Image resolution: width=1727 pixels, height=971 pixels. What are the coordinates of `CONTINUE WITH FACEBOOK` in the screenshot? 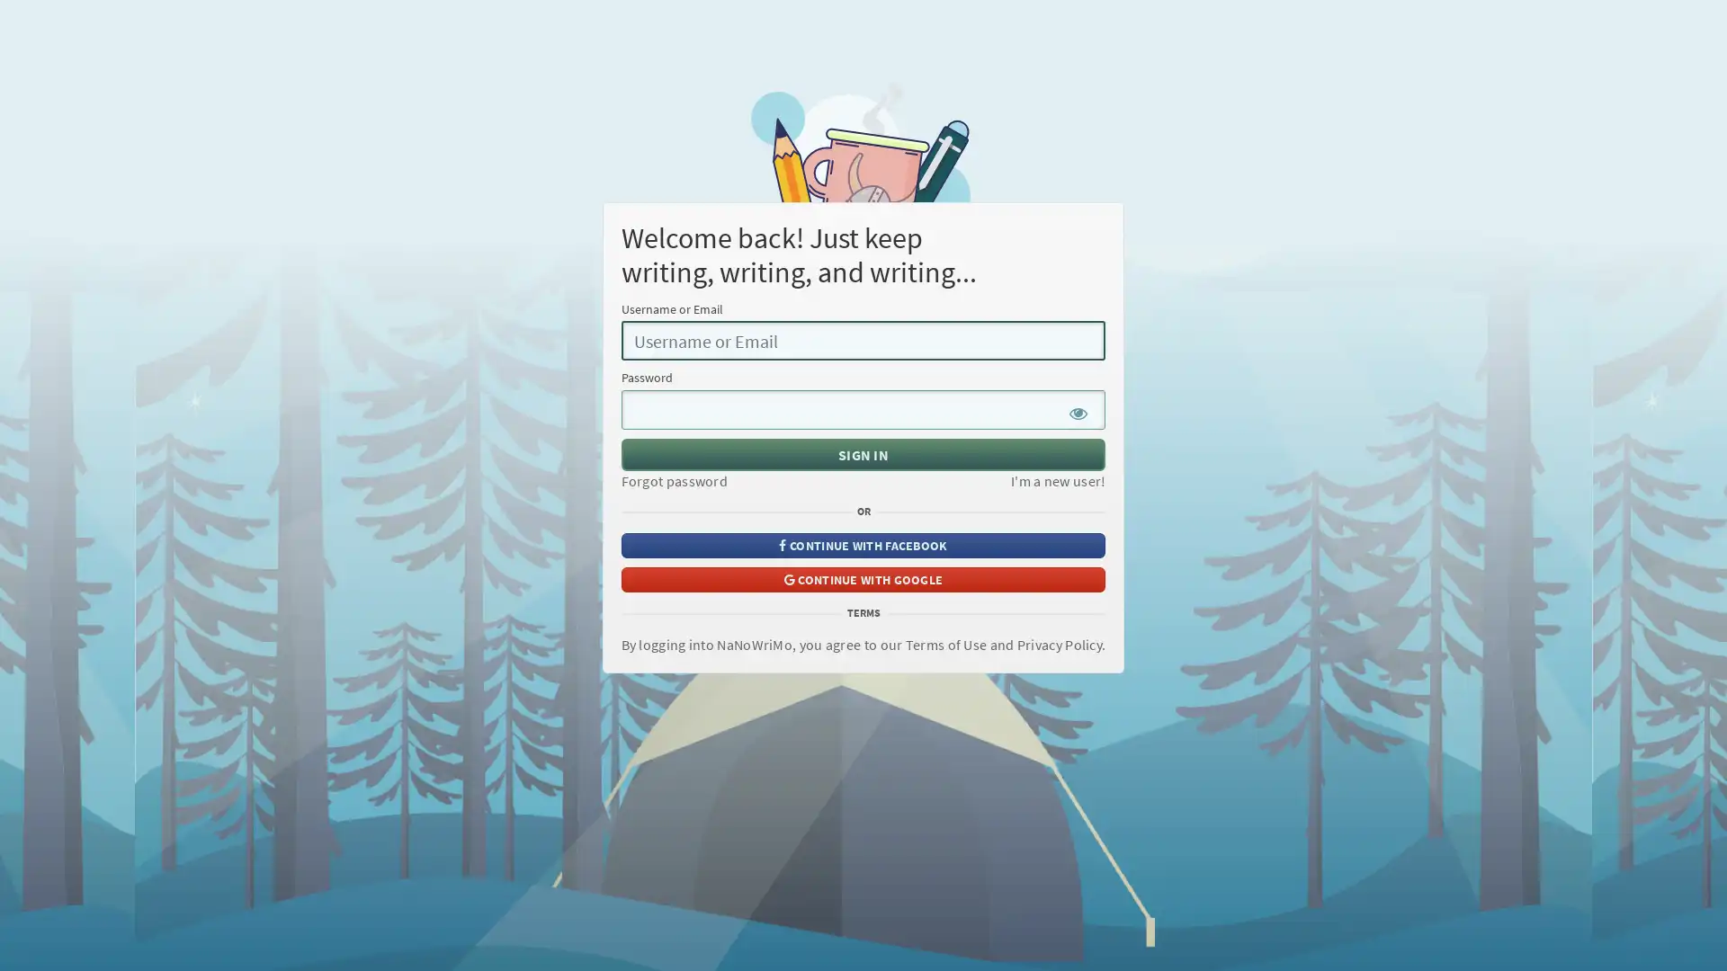 It's located at (862, 543).